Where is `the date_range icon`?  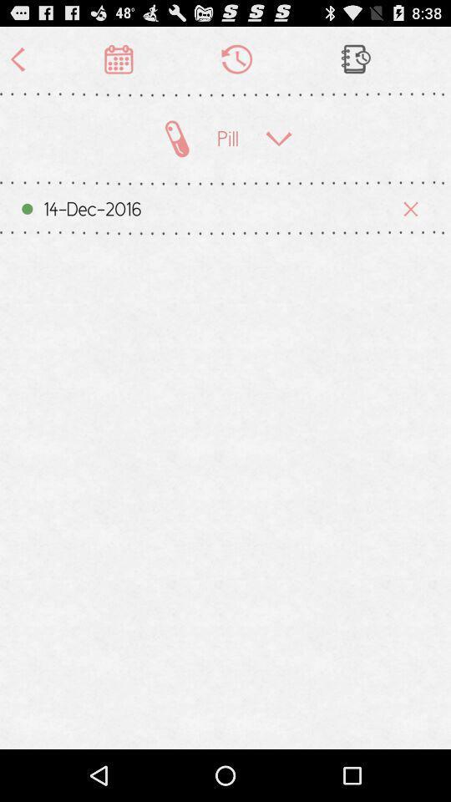 the date_range icon is located at coordinates (118, 63).